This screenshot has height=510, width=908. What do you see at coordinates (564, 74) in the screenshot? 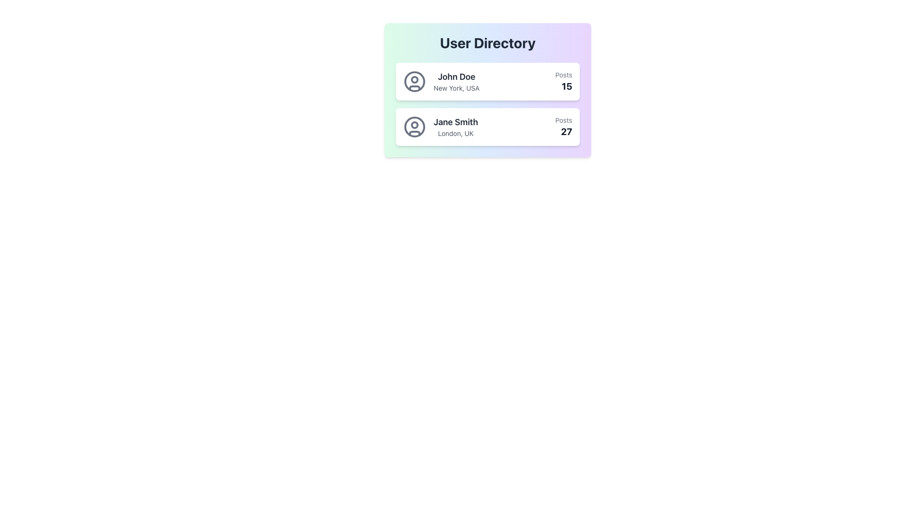
I see `the static text label that indicates the count of 'Posts' for user 'John Doe', positioned at the top-right of the user item card` at bounding box center [564, 74].